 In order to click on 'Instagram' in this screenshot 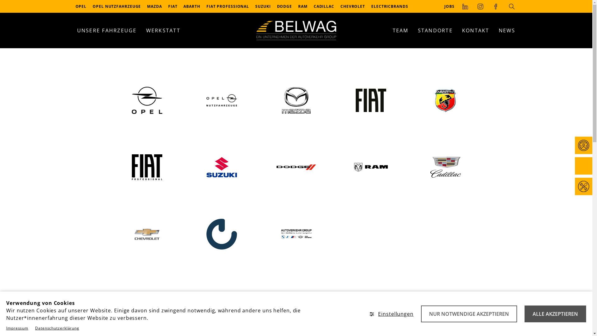, I will do `click(473, 6)`.